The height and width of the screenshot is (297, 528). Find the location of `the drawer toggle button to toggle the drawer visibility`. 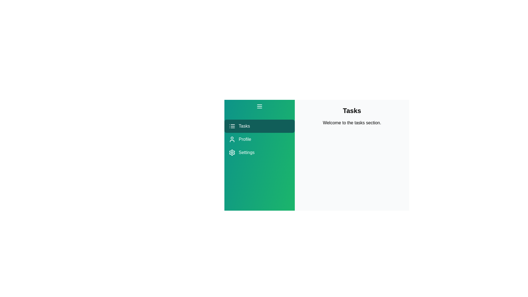

the drawer toggle button to toggle the drawer visibility is located at coordinates (259, 106).